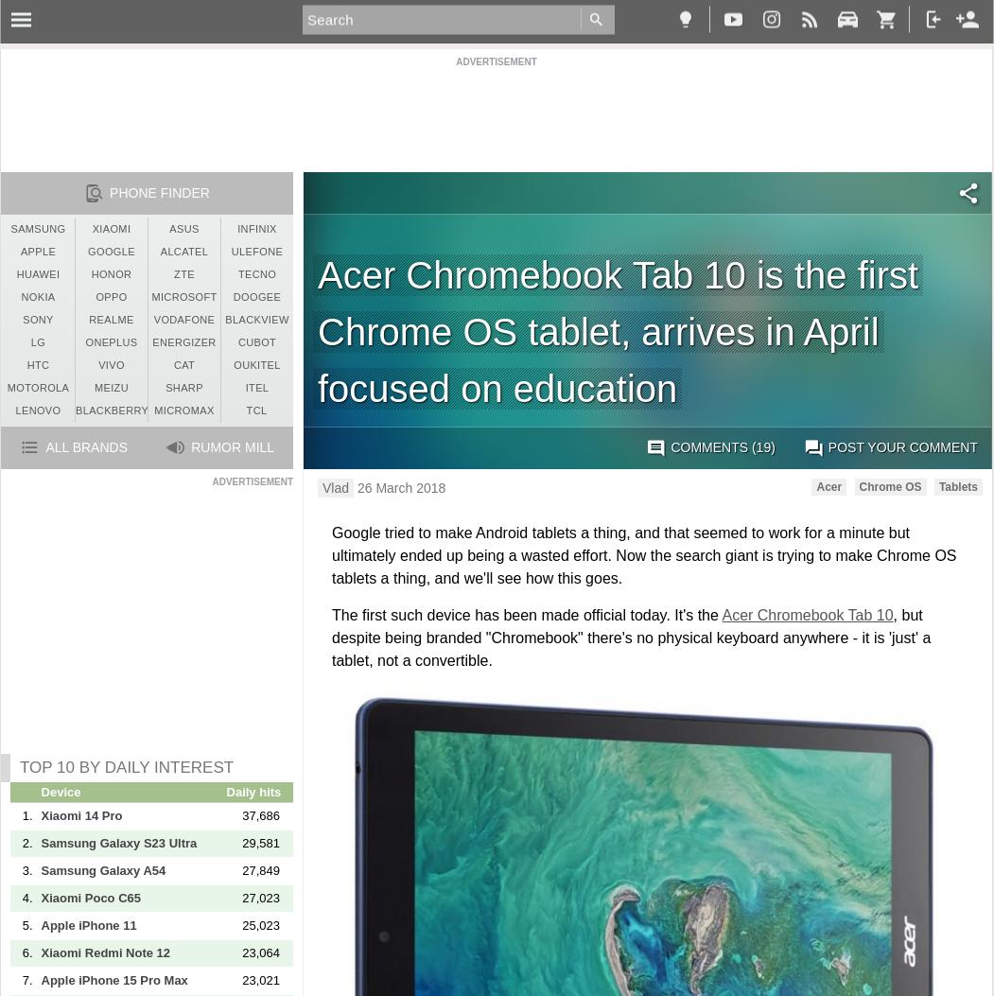 The width and height of the screenshot is (994, 996). Describe the element at coordinates (233, 446) in the screenshot. I see `'Rumor mill'` at that location.